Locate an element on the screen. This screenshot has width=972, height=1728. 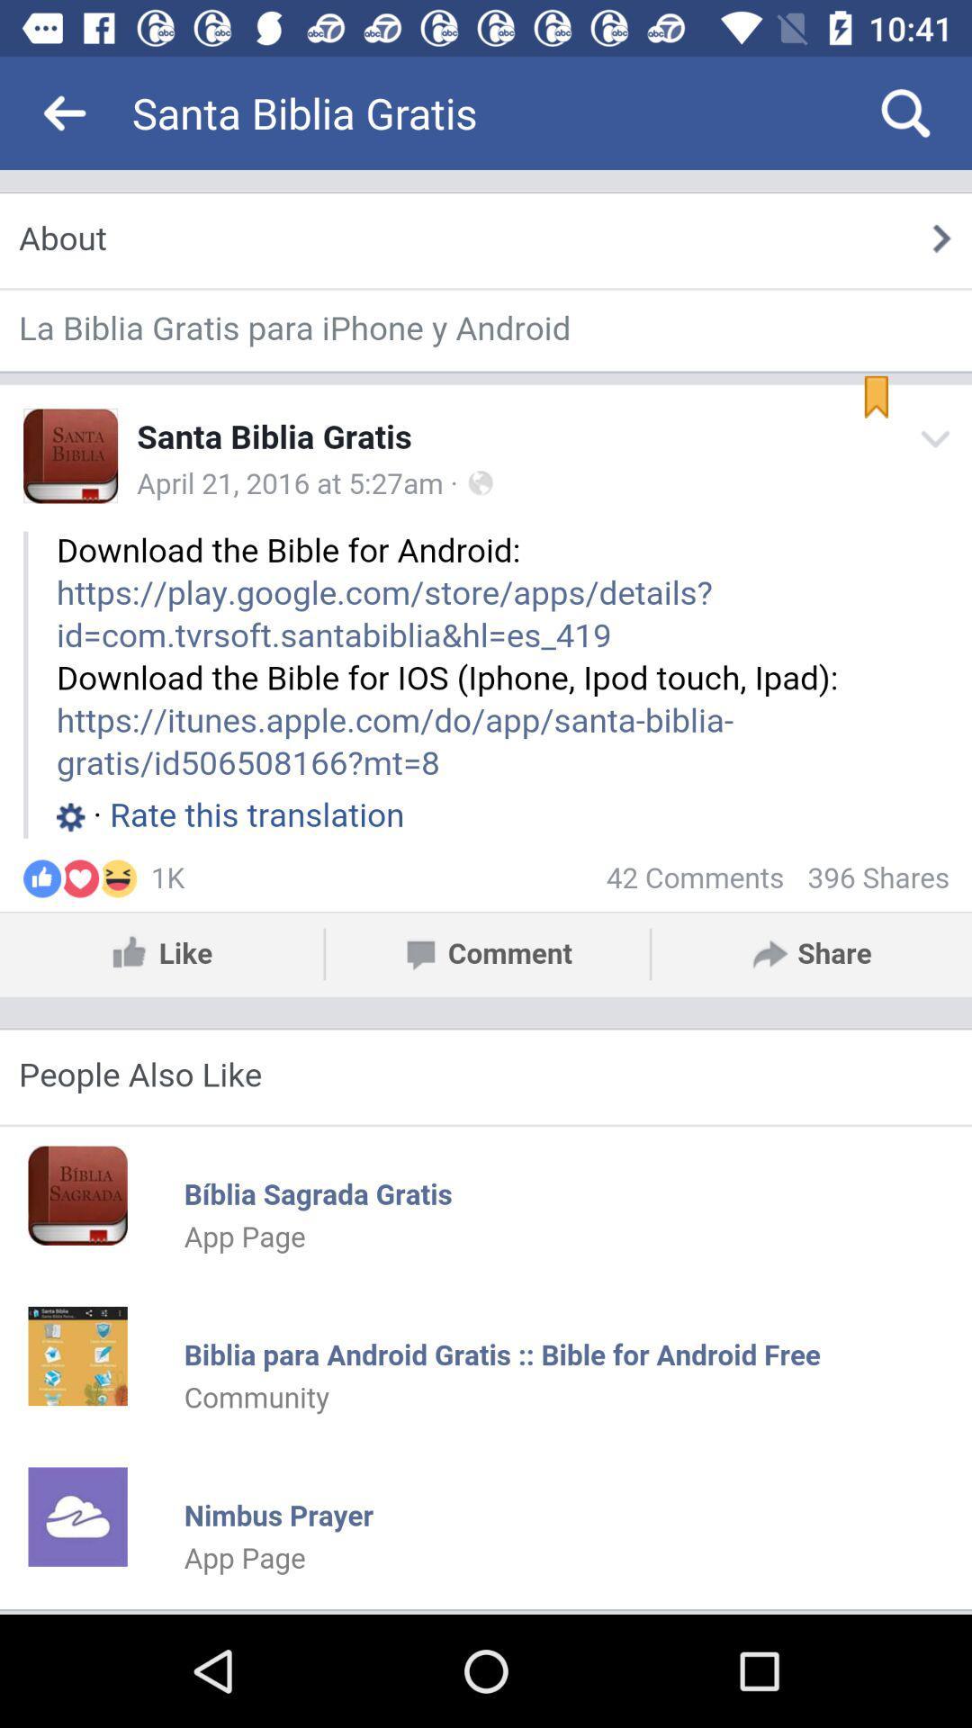
the icon next to santa biblia gratis icon is located at coordinates (905, 112).